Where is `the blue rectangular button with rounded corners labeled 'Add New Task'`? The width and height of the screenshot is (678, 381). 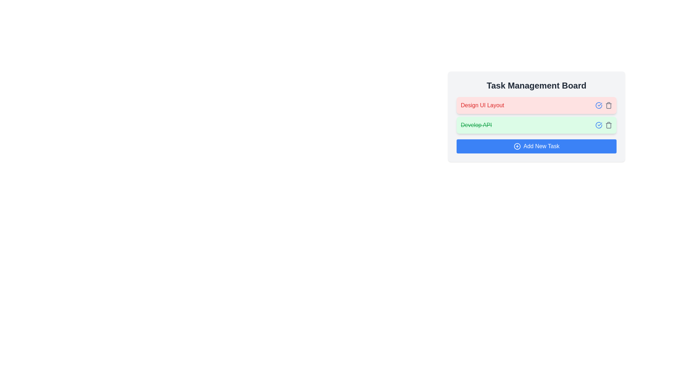 the blue rectangular button with rounded corners labeled 'Add New Task' is located at coordinates (536, 146).